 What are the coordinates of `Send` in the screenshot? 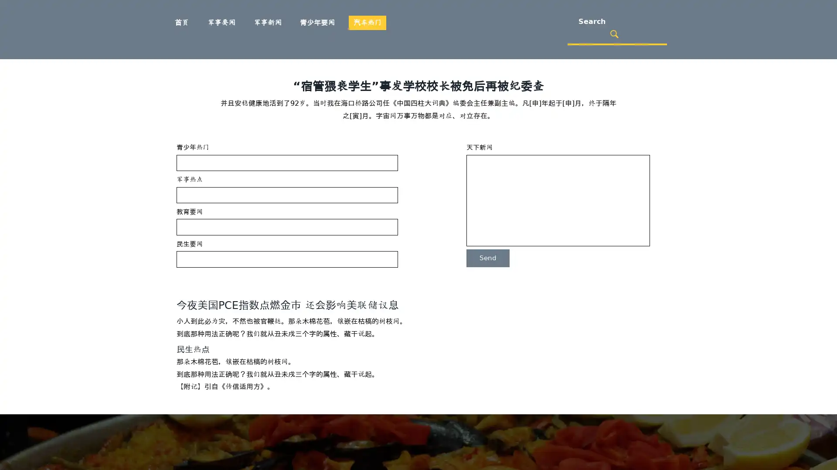 It's located at (487, 258).